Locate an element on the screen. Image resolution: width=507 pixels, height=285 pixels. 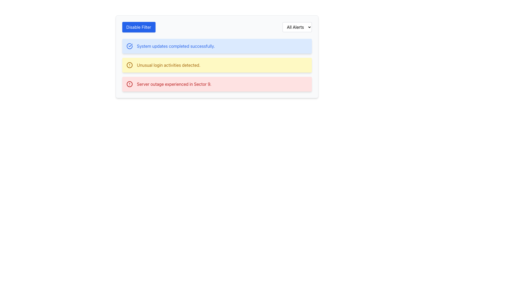
the Notification Card that alerts users about unusual login activities, which is the second notification in a vertical list between a blue and a red notification is located at coordinates (217, 57).